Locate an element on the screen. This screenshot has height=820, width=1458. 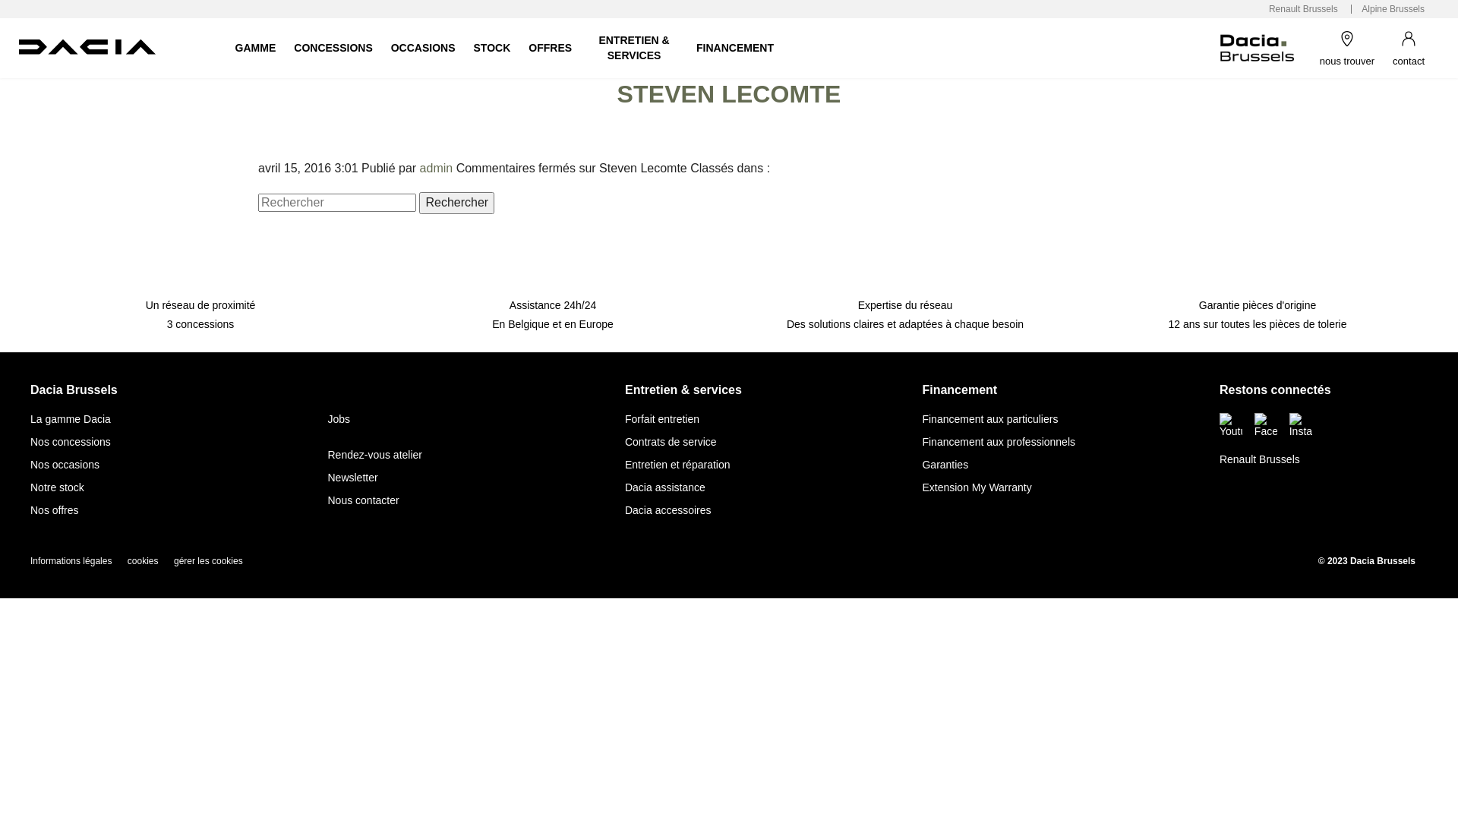
'La gamme Dacia' is located at coordinates (69, 418).